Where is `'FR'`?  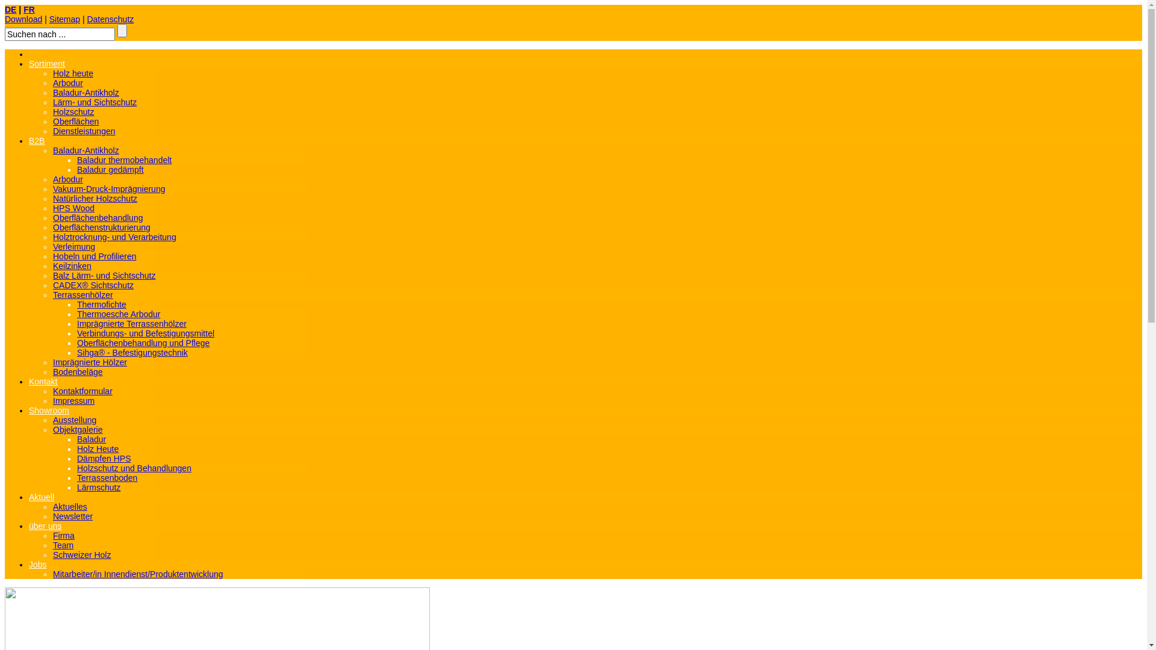 'FR' is located at coordinates (29, 9).